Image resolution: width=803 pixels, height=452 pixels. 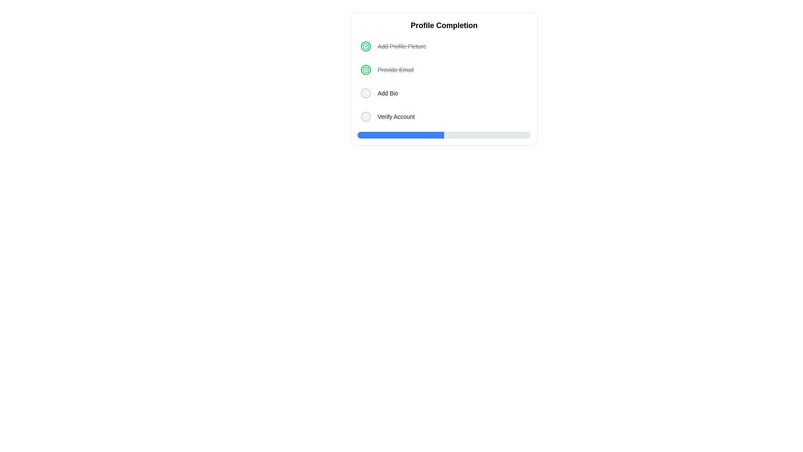 What do you see at coordinates (366, 93) in the screenshot?
I see `the Status Indicator, which is a small circle with a gray border located to the left of the 'Add Bio' text in a card-like layout` at bounding box center [366, 93].